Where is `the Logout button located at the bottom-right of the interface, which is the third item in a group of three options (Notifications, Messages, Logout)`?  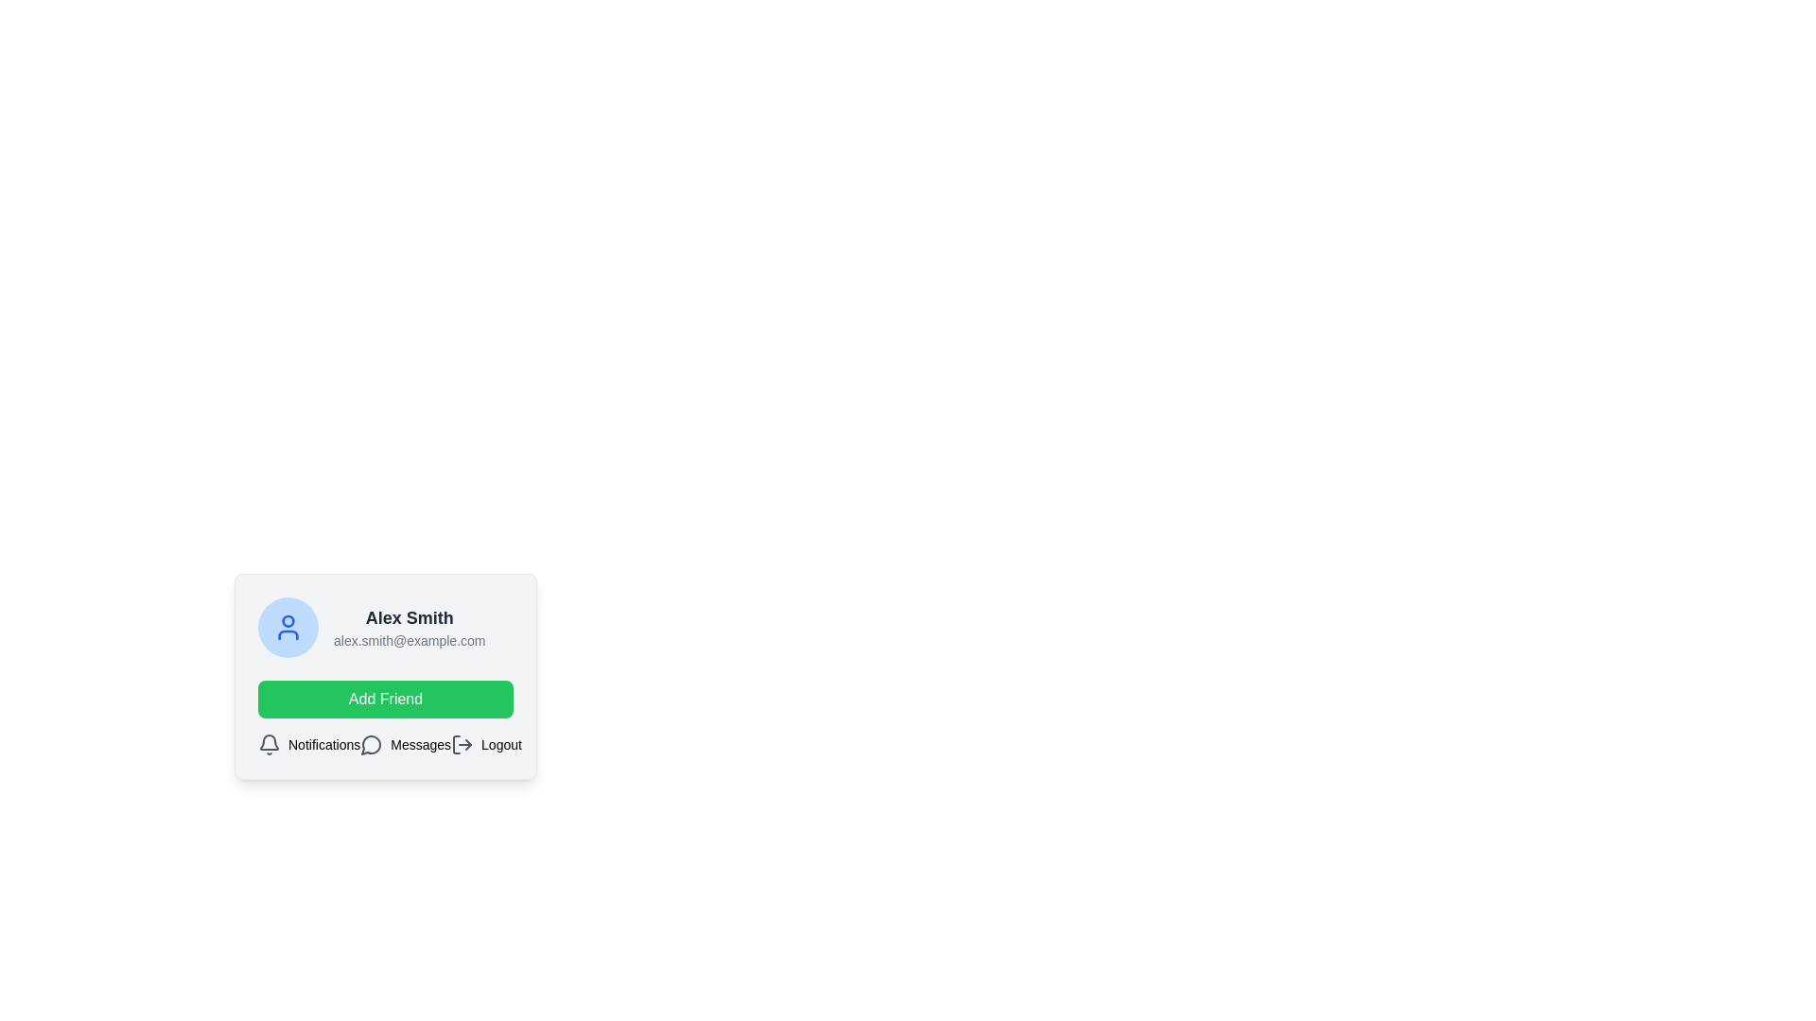
the Logout button located at the bottom-right of the interface, which is the third item in a group of three options (Notifications, Messages, Logout) is located at coordinates (486, 743).